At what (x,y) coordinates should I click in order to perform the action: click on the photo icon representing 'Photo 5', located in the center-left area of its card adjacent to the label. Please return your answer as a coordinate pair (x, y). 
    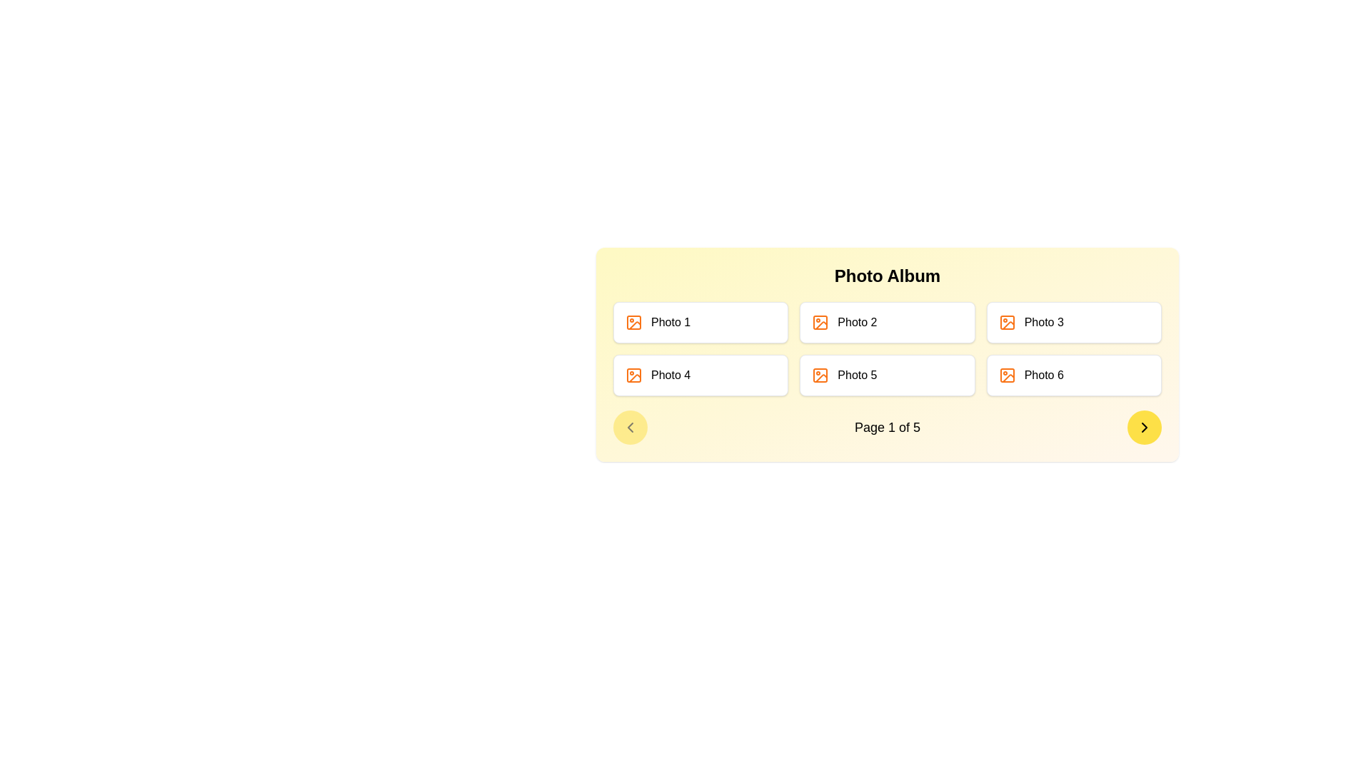
    Looking at the image, I should click on (820, 374).